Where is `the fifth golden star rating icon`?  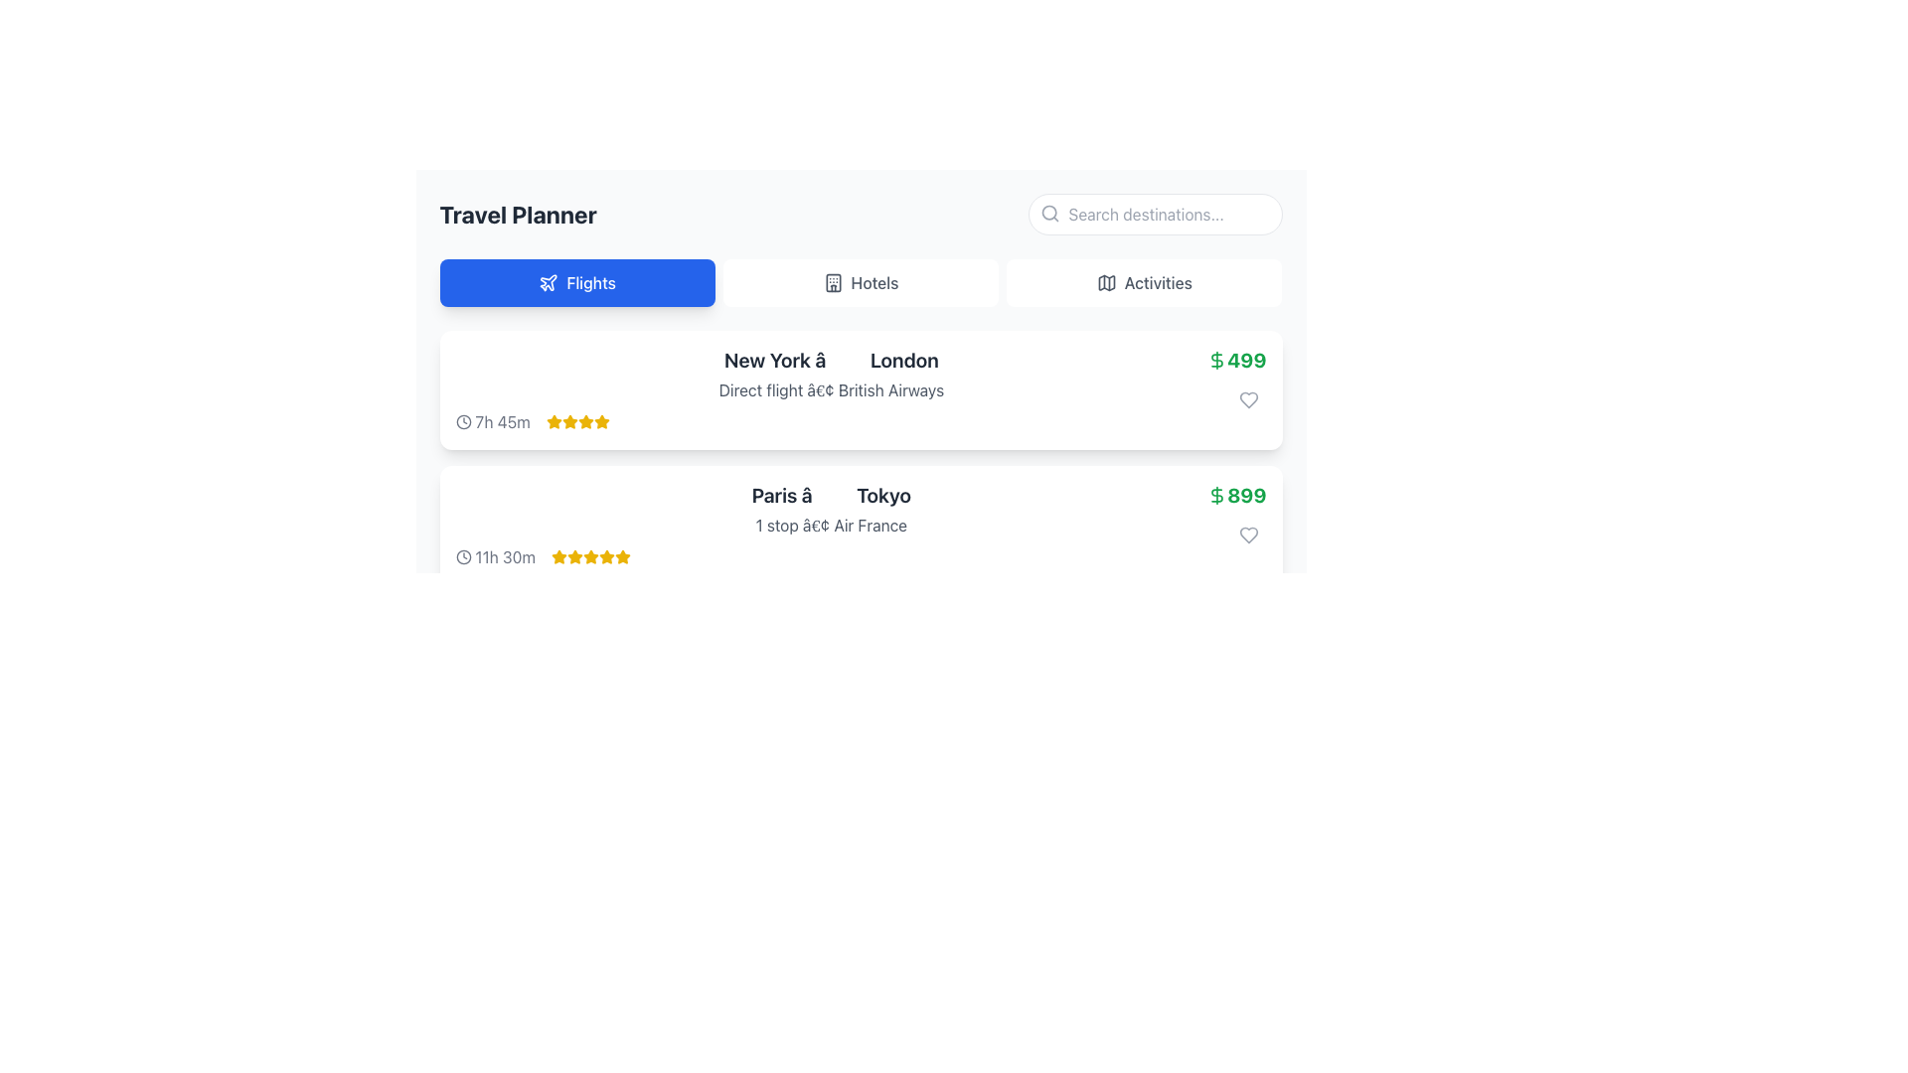 the fifth golden star rating icon is located at coordinates (590, 556).